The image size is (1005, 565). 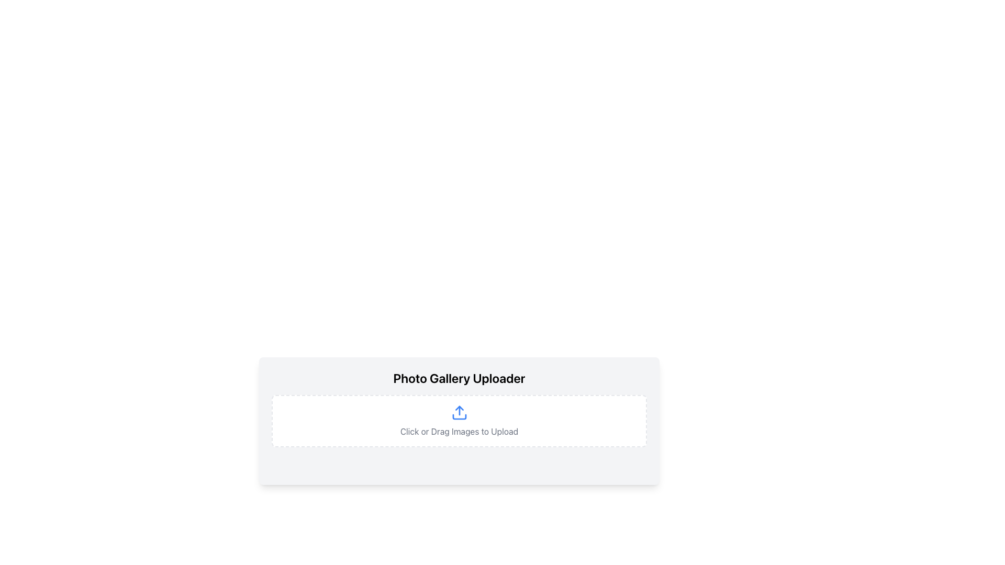 I want to click on the Interactive upload area located below the 'Photo Gallery Uploader' title, so click(x=459, y=421).